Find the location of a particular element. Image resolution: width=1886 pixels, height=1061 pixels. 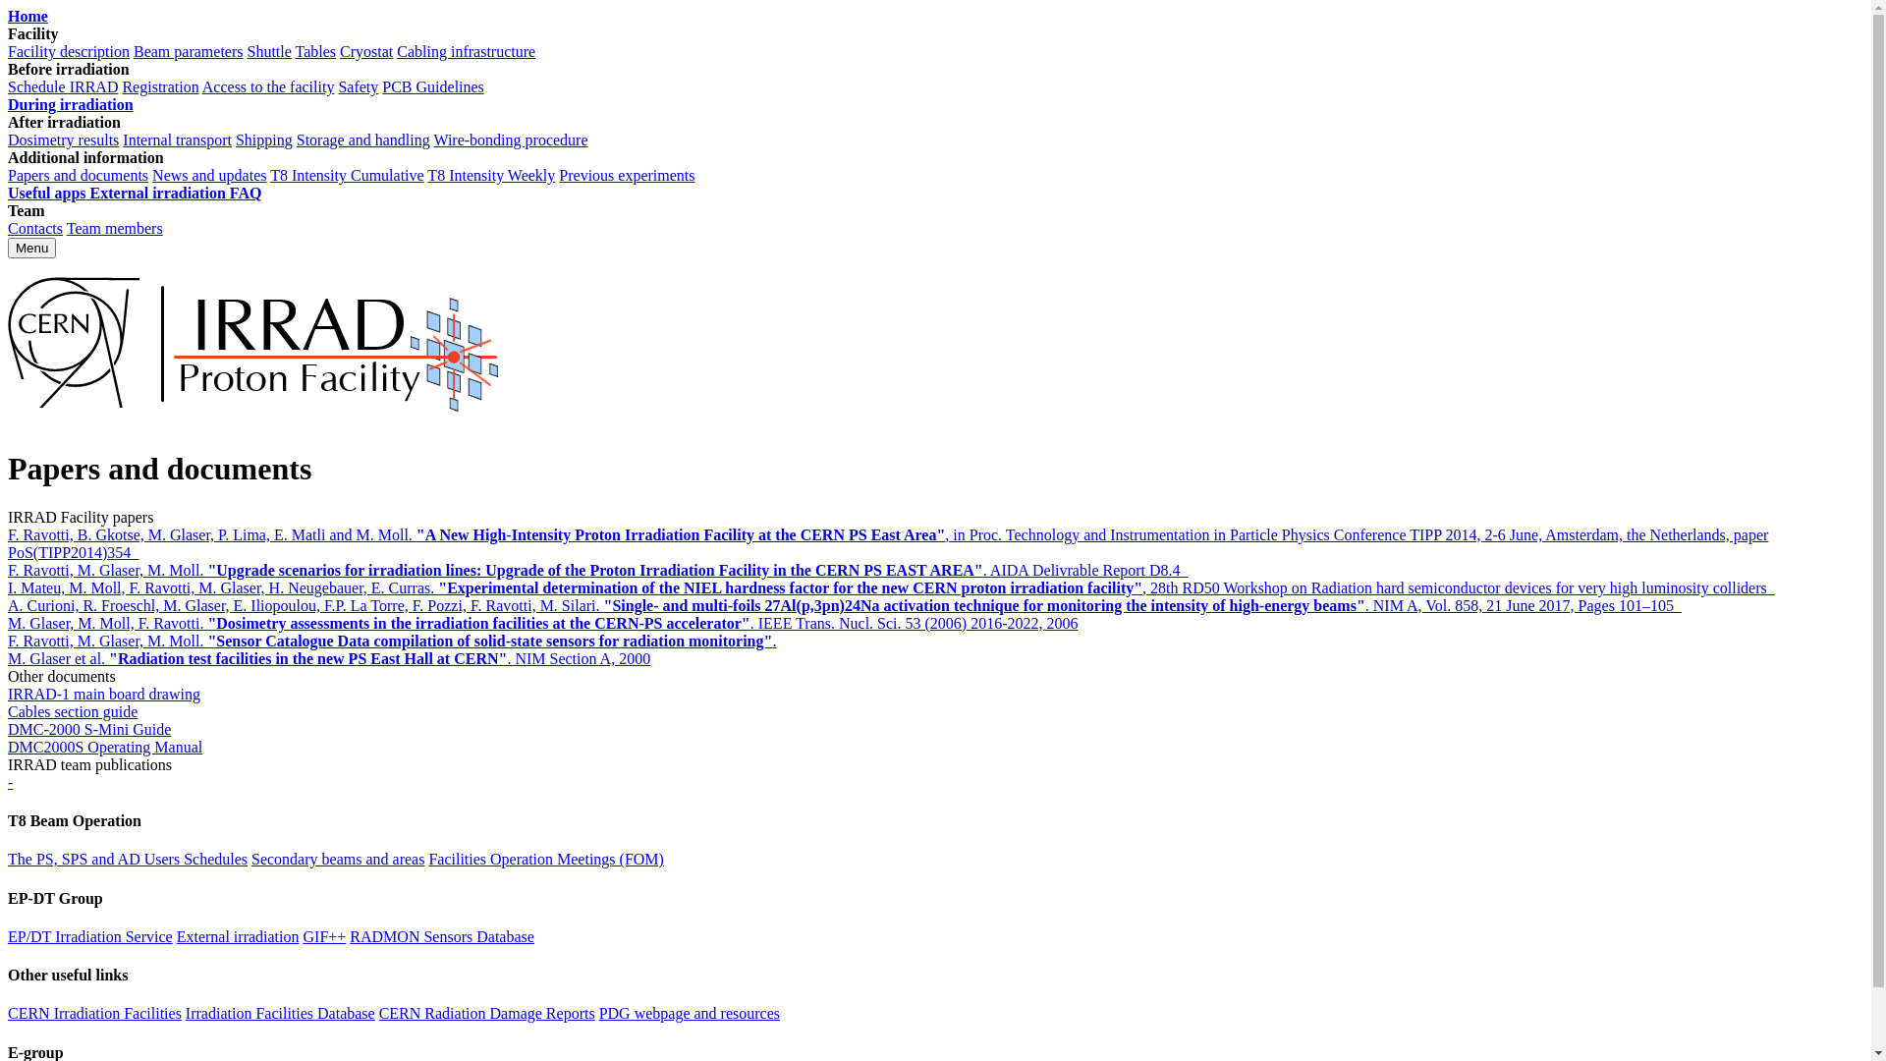

'IRRAD-1 main board drawing' is located at coordinates (102, 693).